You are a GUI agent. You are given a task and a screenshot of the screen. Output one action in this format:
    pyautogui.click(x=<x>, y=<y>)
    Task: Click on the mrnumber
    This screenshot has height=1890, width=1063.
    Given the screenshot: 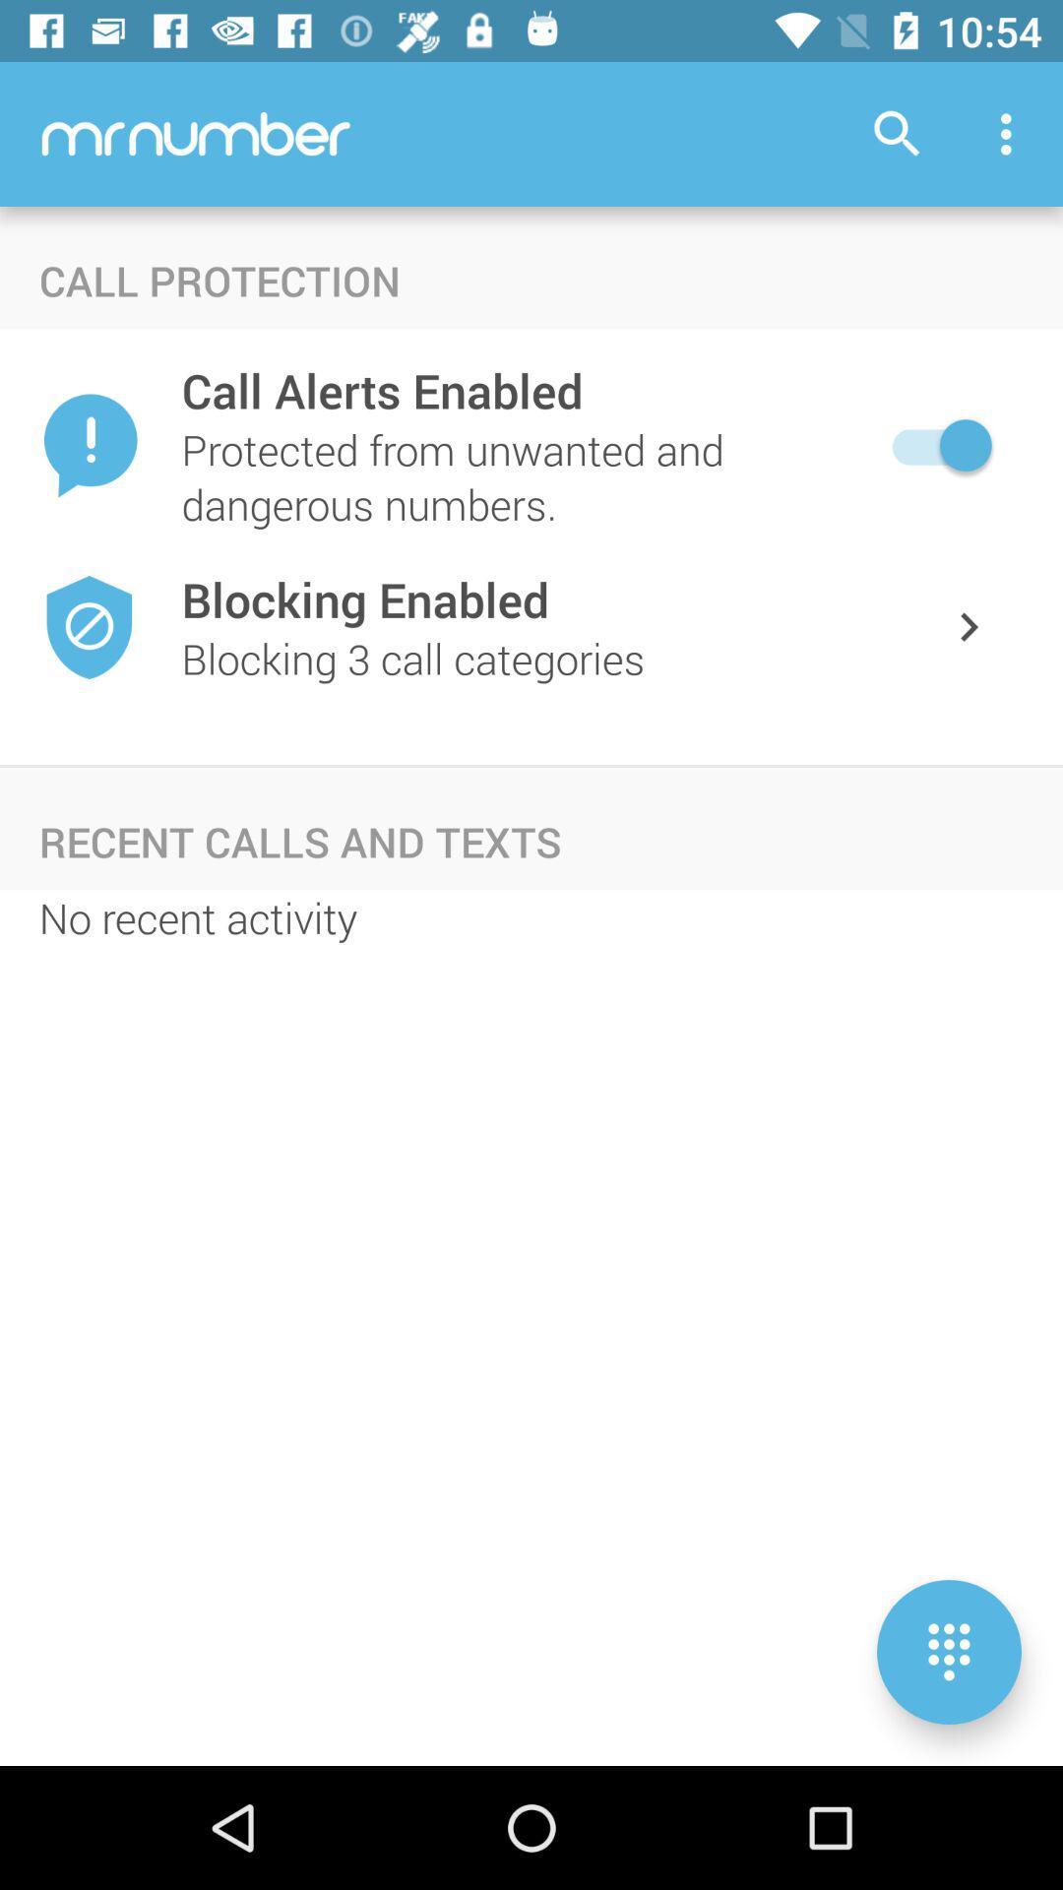 What is the action you would take?
    pyautogui.click(x=196, y=132)
    